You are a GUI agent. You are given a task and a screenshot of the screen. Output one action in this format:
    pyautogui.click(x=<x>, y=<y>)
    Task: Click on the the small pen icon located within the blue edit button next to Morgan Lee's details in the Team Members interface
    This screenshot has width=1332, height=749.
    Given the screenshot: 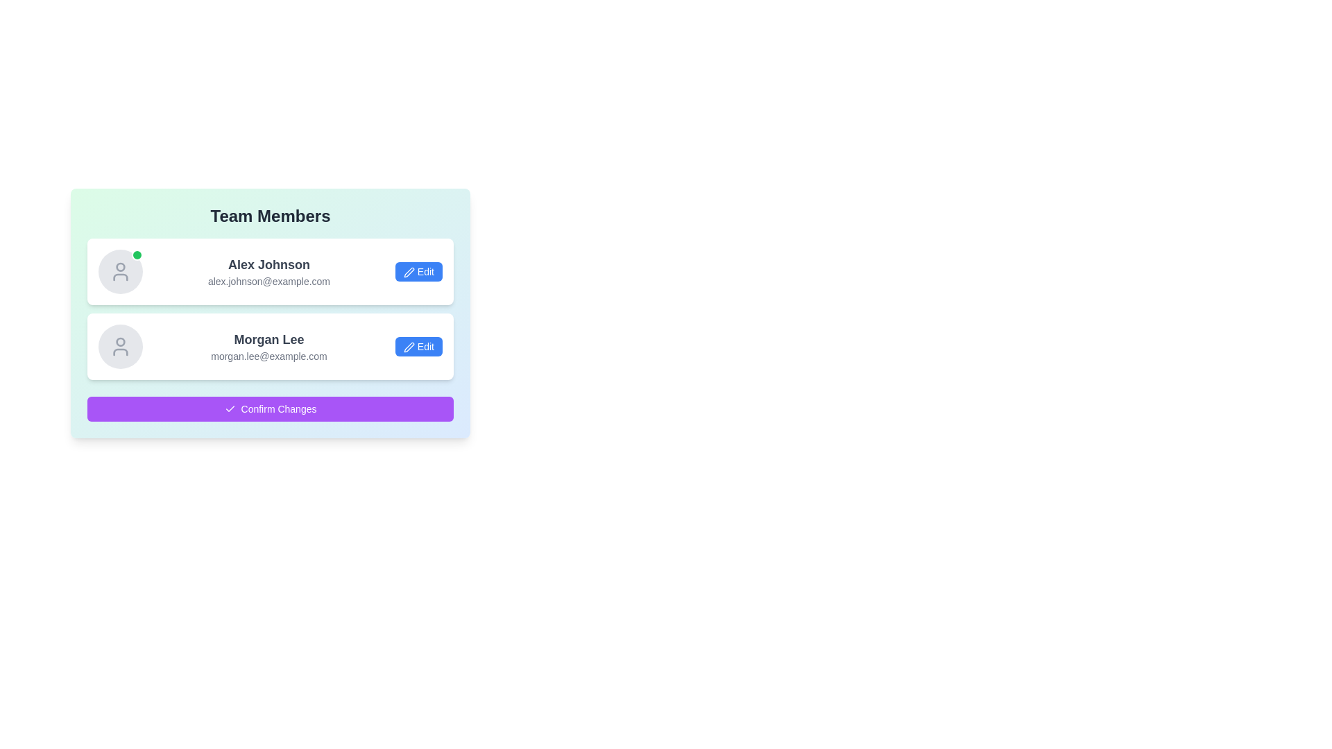 What is the action you would take?
    pyautogui.click(x=409, y=347)
    